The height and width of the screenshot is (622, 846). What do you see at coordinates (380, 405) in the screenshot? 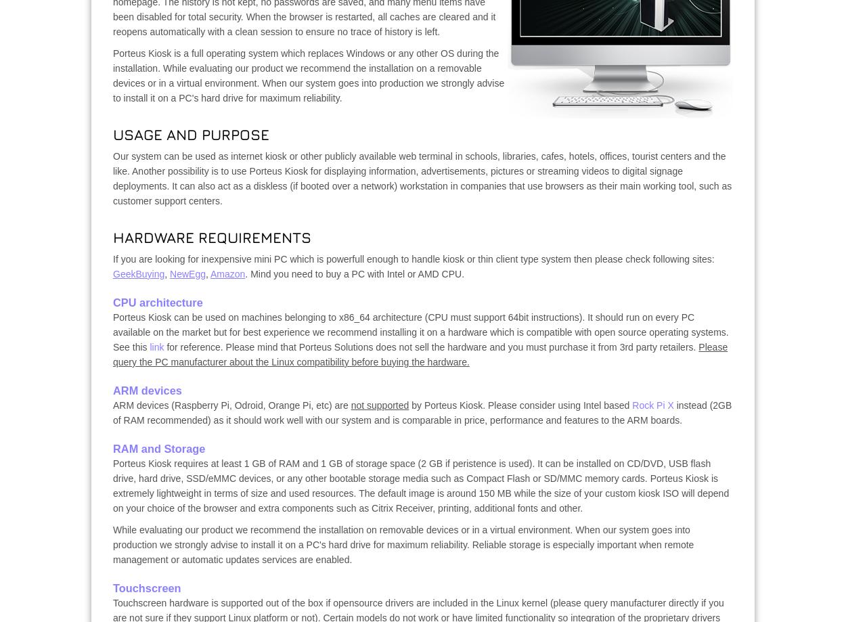
I see `'not supported'` at bounding box center [380, 405].